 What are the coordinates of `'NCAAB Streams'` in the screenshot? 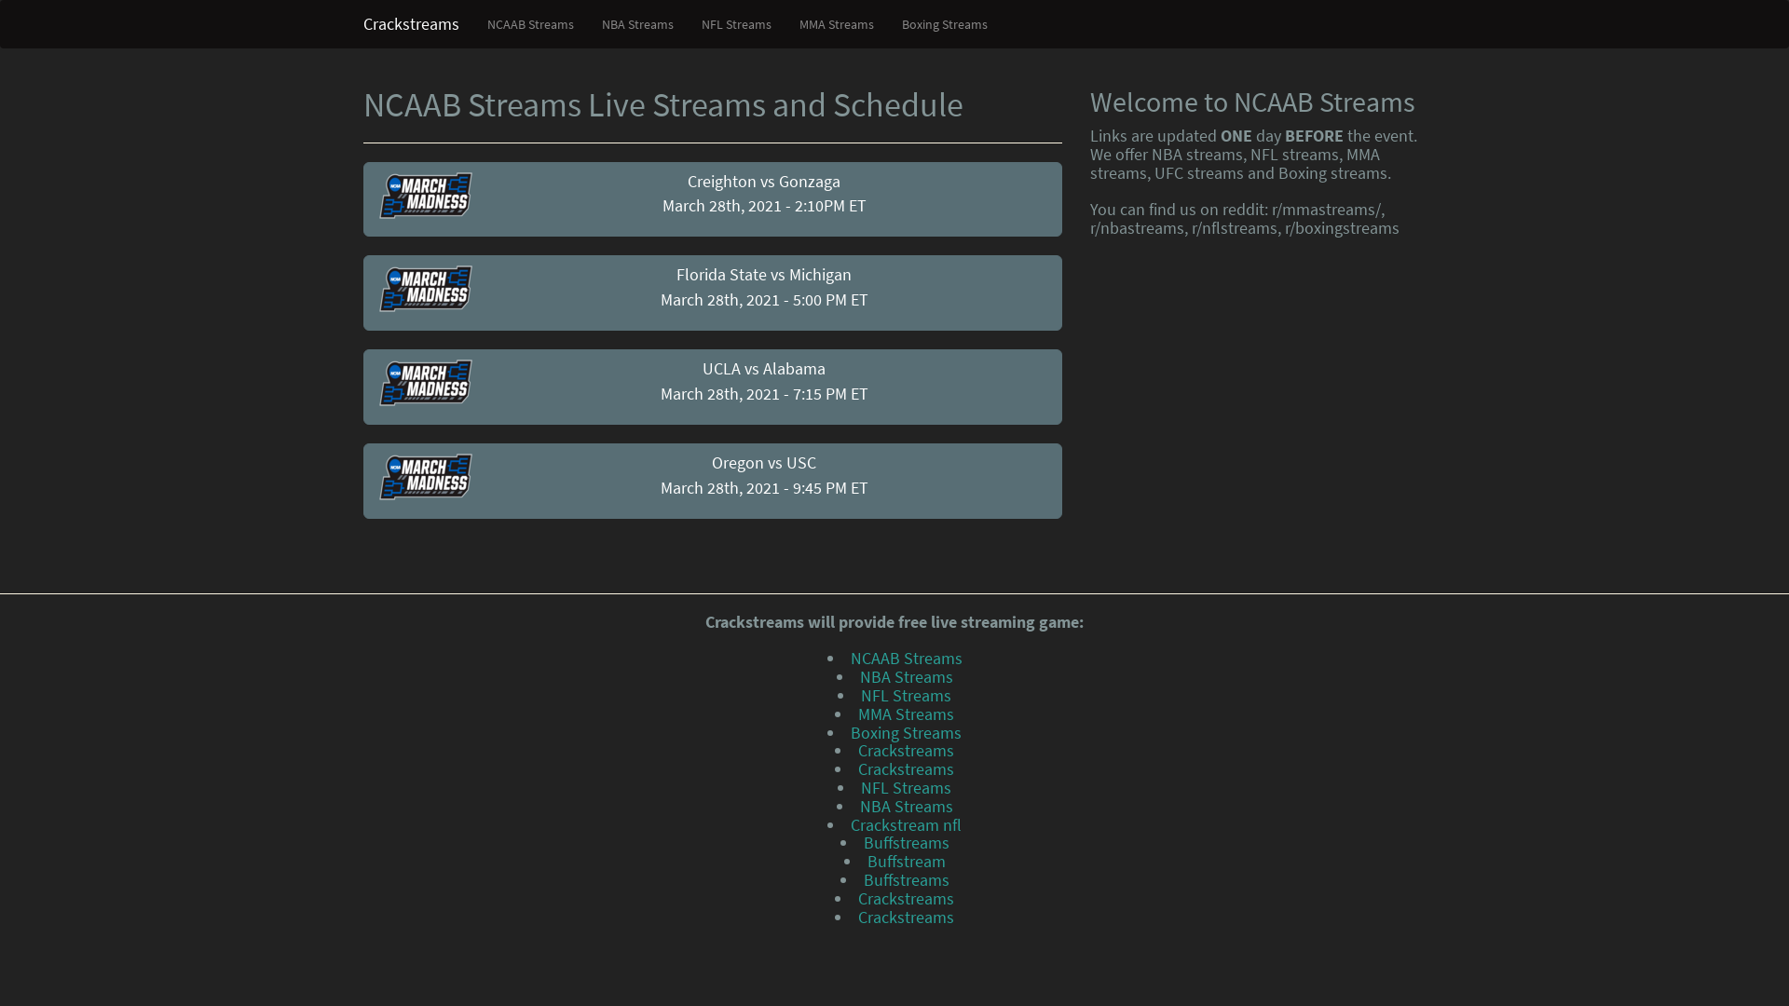 It's located at (529, 24).